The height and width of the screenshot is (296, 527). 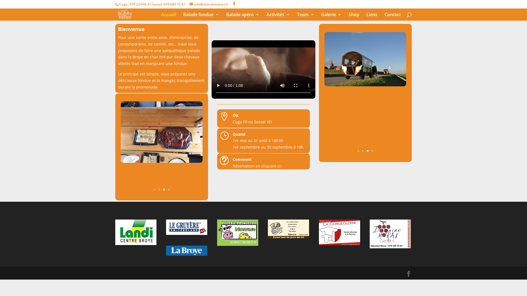 What do you see at coordinates (392, 16) in the screenshot?
I see `'Contact'` at bounding box center [392, 16].